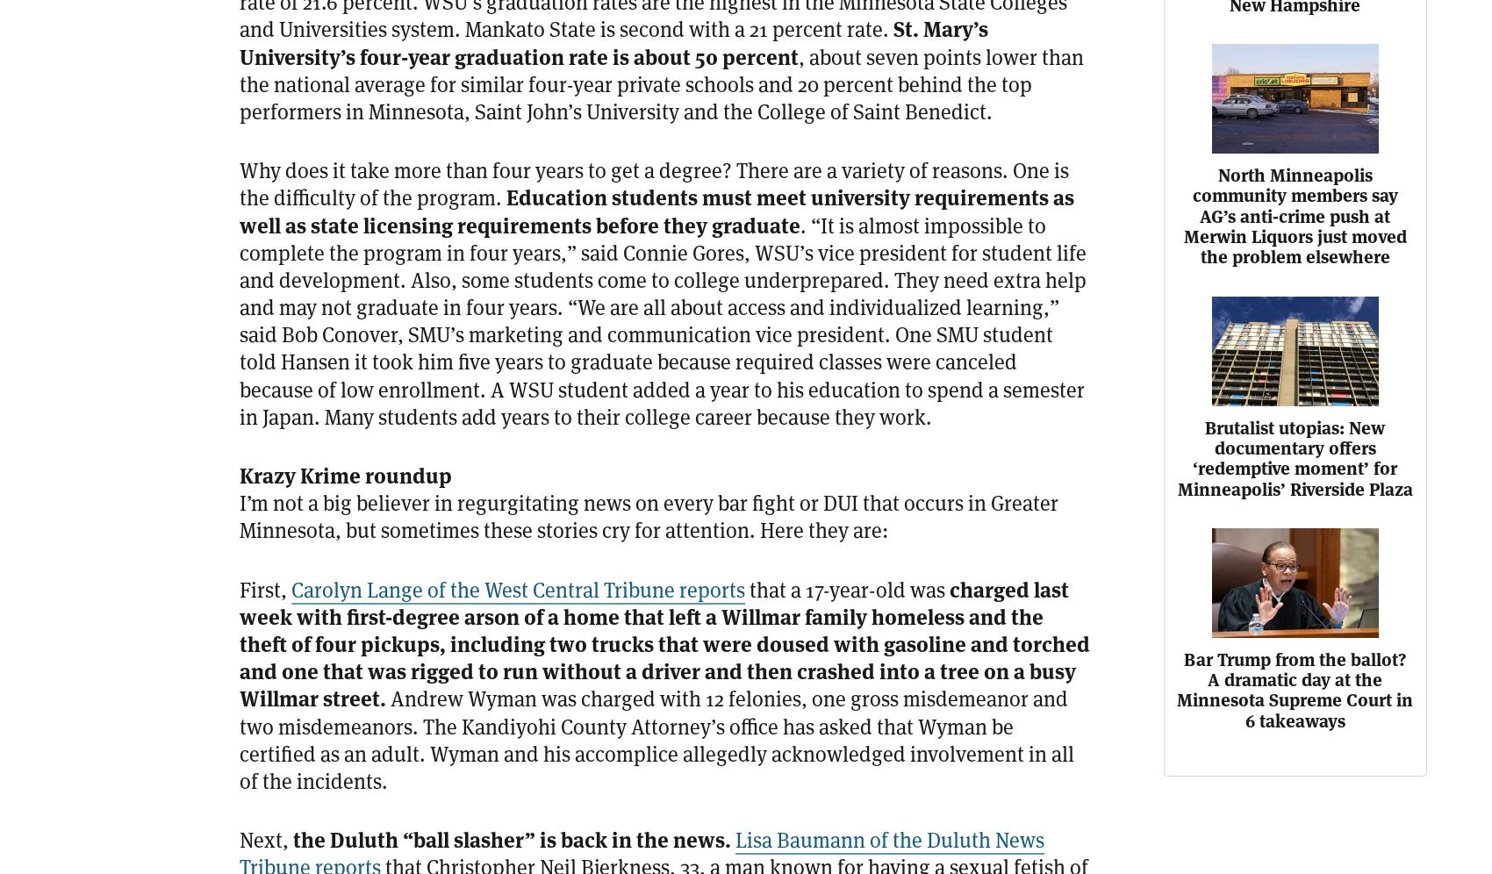  I want to click on 'North Minneapolis community members say AG’s anti-crime push at Merwin Liquors just moved the problem elsewhere', so click(1182, 215).